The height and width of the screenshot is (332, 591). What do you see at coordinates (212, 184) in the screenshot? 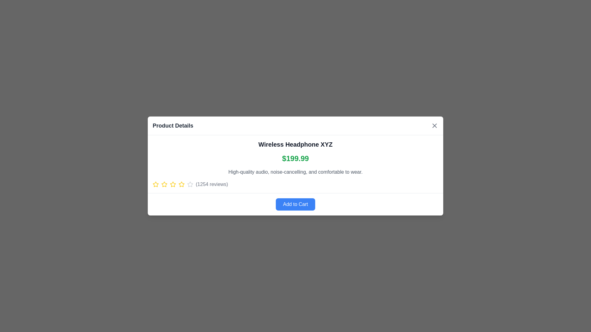
I see `the static text label displaying '(1254 reviews)' in gray font, located below the product name and price, and positioned to the right of the star rating icons` at bounding box center [212, 184].